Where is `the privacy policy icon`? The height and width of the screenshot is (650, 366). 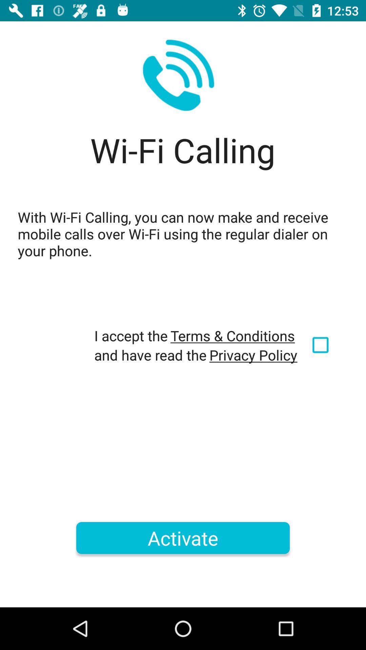 the privacy policy icon is located at coordinates (253, 354).